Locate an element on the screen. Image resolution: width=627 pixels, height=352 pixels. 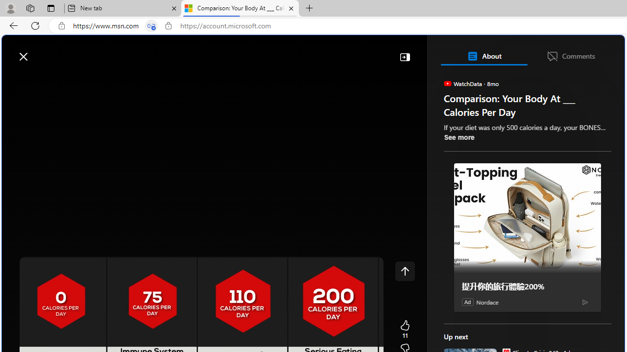
'Personal Profile' is located at coordinates (10, 8).